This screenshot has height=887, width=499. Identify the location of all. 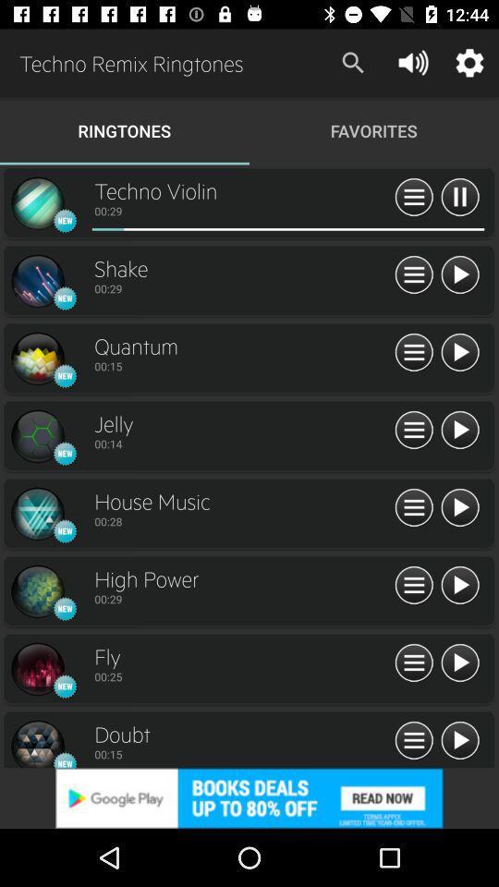
(414, 274).